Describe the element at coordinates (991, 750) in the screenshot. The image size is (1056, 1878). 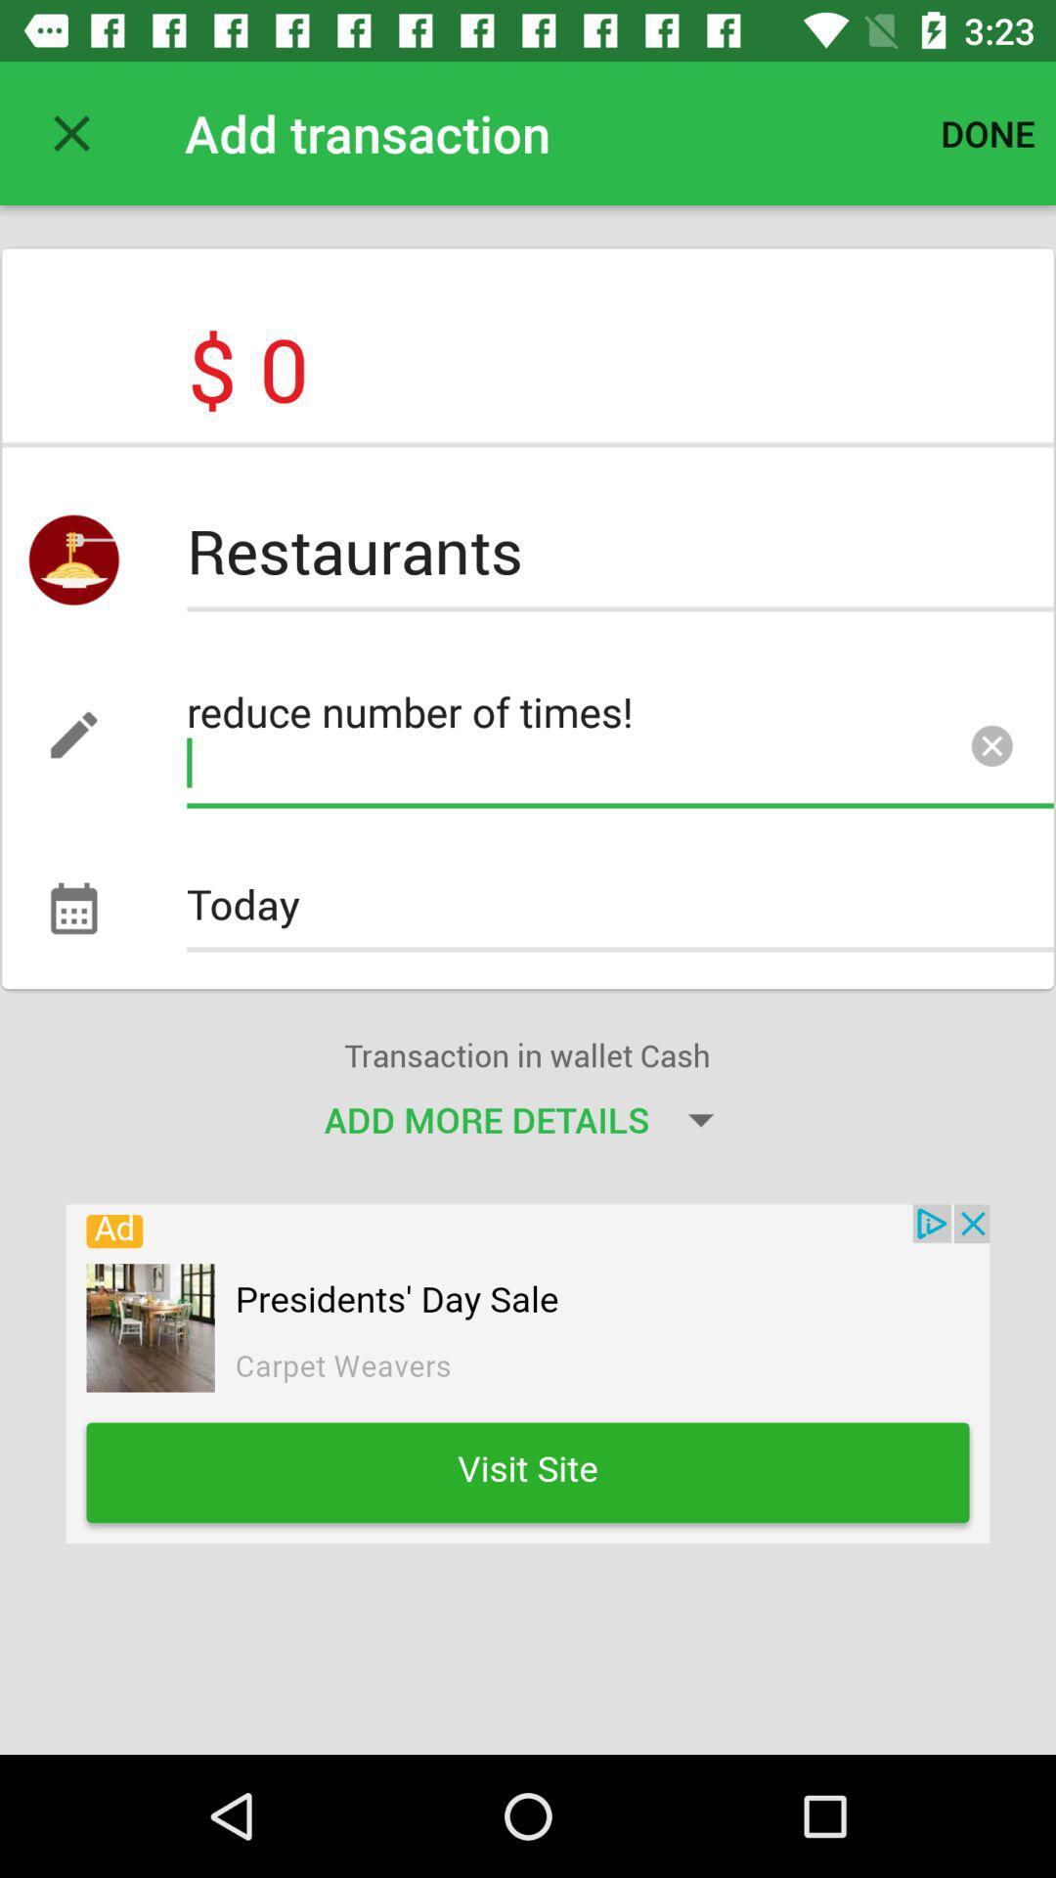
I see `the close icon` at that location.